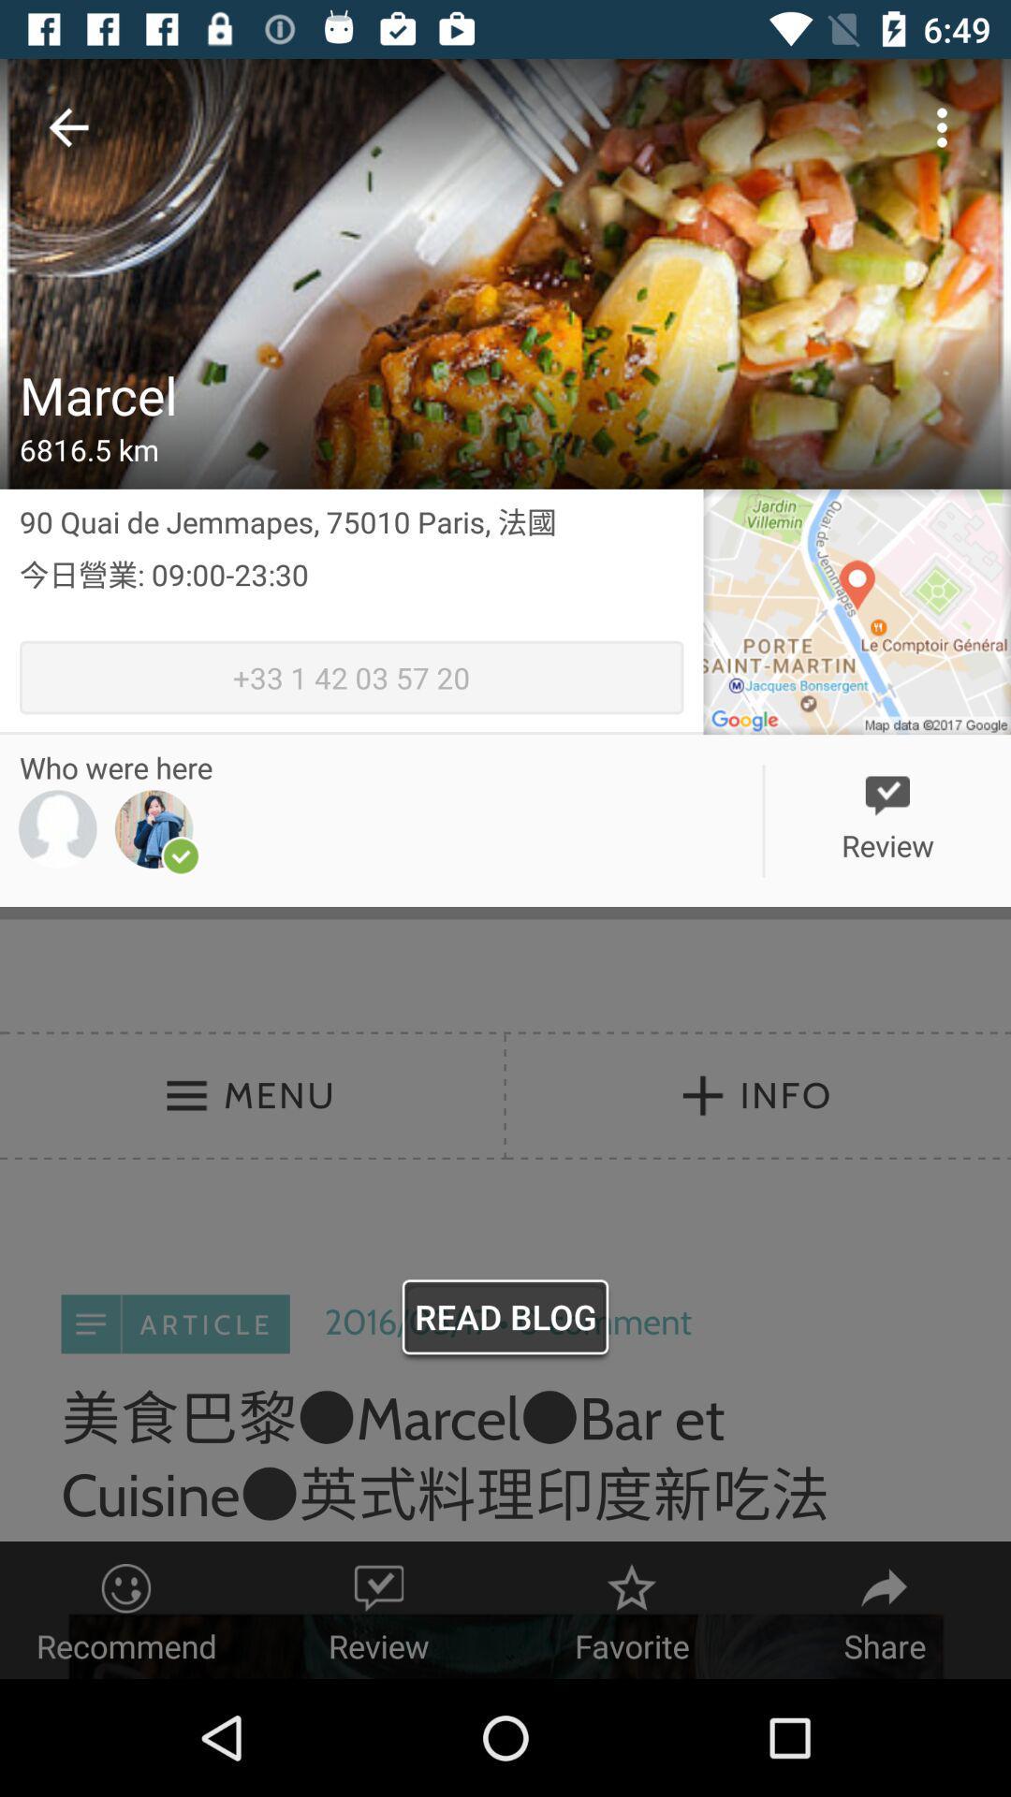 This screenshot has height=1797, width=1011. Describe the element at coordinates (505, 1321) in the screenshot. I see `the item at the bottom` at that location.